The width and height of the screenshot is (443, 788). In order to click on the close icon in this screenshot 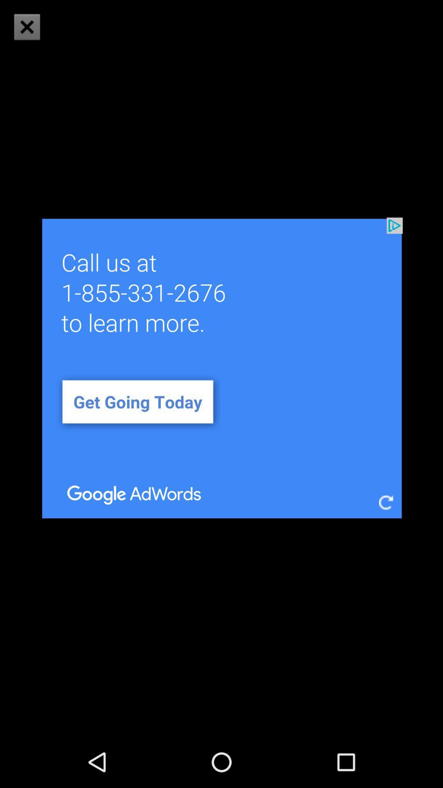, I will do `click(26, 29)`.